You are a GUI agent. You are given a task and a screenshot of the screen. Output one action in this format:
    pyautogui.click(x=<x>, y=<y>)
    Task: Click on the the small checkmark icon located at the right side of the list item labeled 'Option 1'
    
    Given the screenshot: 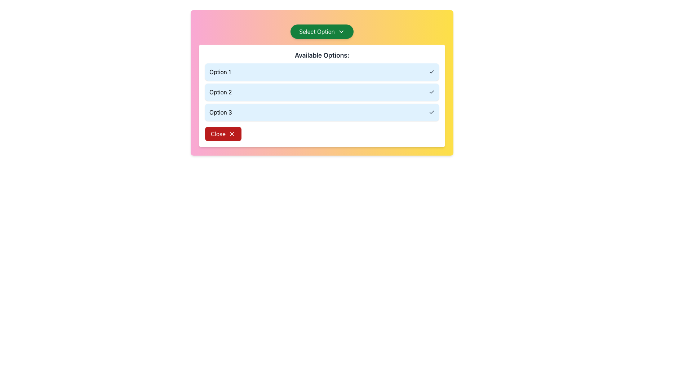 What is the action you would take?
    pyautogui.click(x=432, y=72)
    